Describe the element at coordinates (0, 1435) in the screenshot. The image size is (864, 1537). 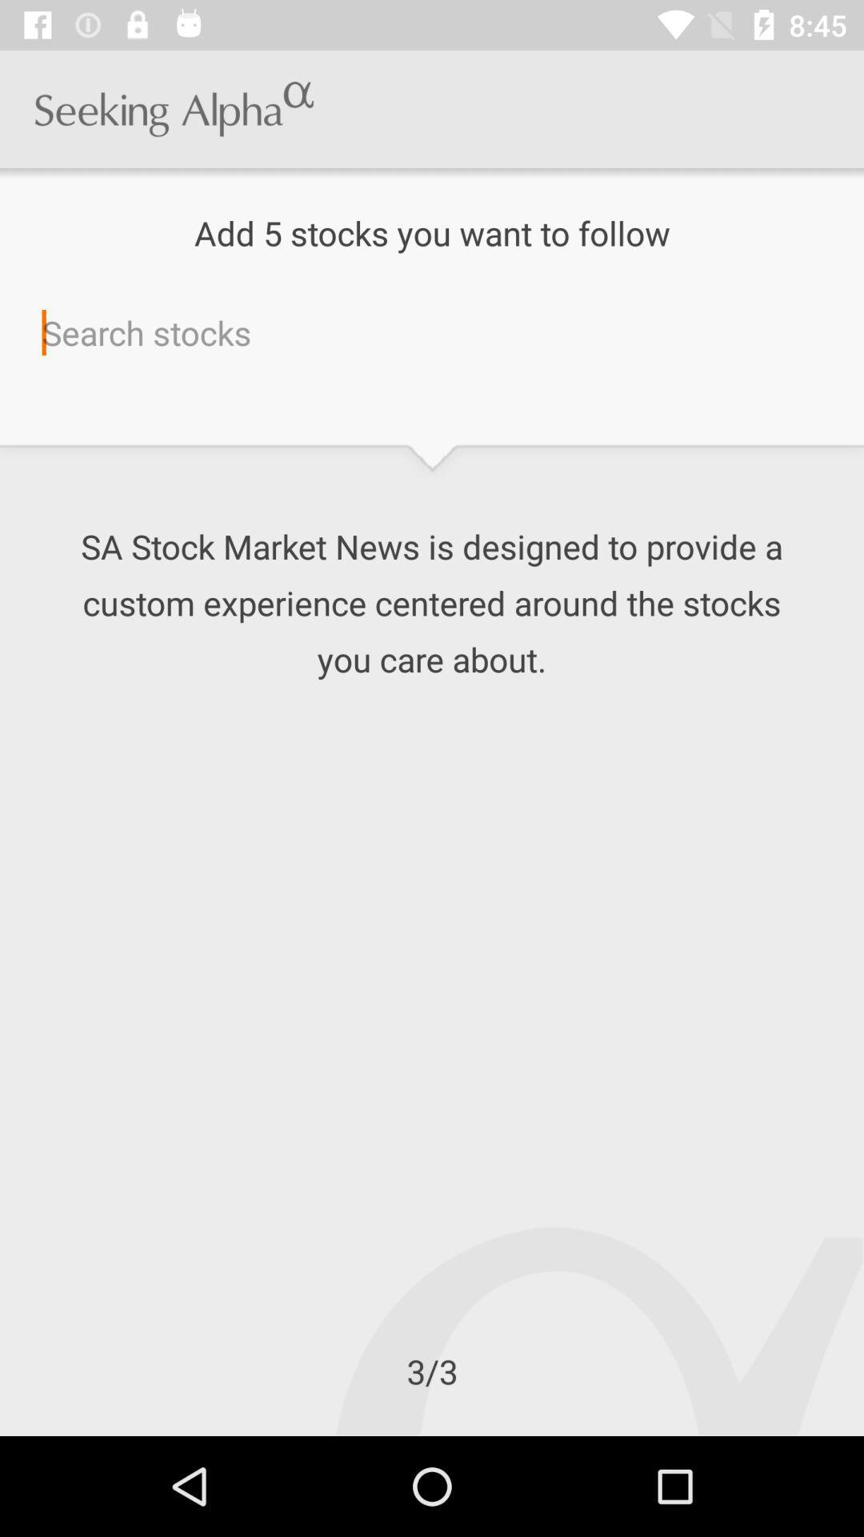
I see `the icon below the 3/3 icon` at that location.